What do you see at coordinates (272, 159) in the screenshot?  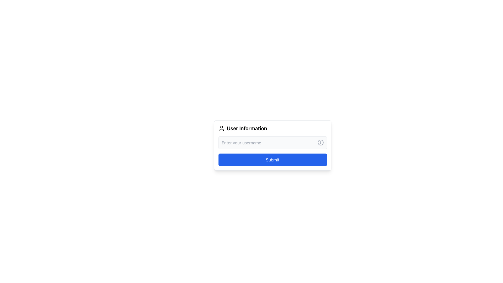 I see `the submit button located at the bottom of the 'User Information' form` at bounding box center [272, 159].